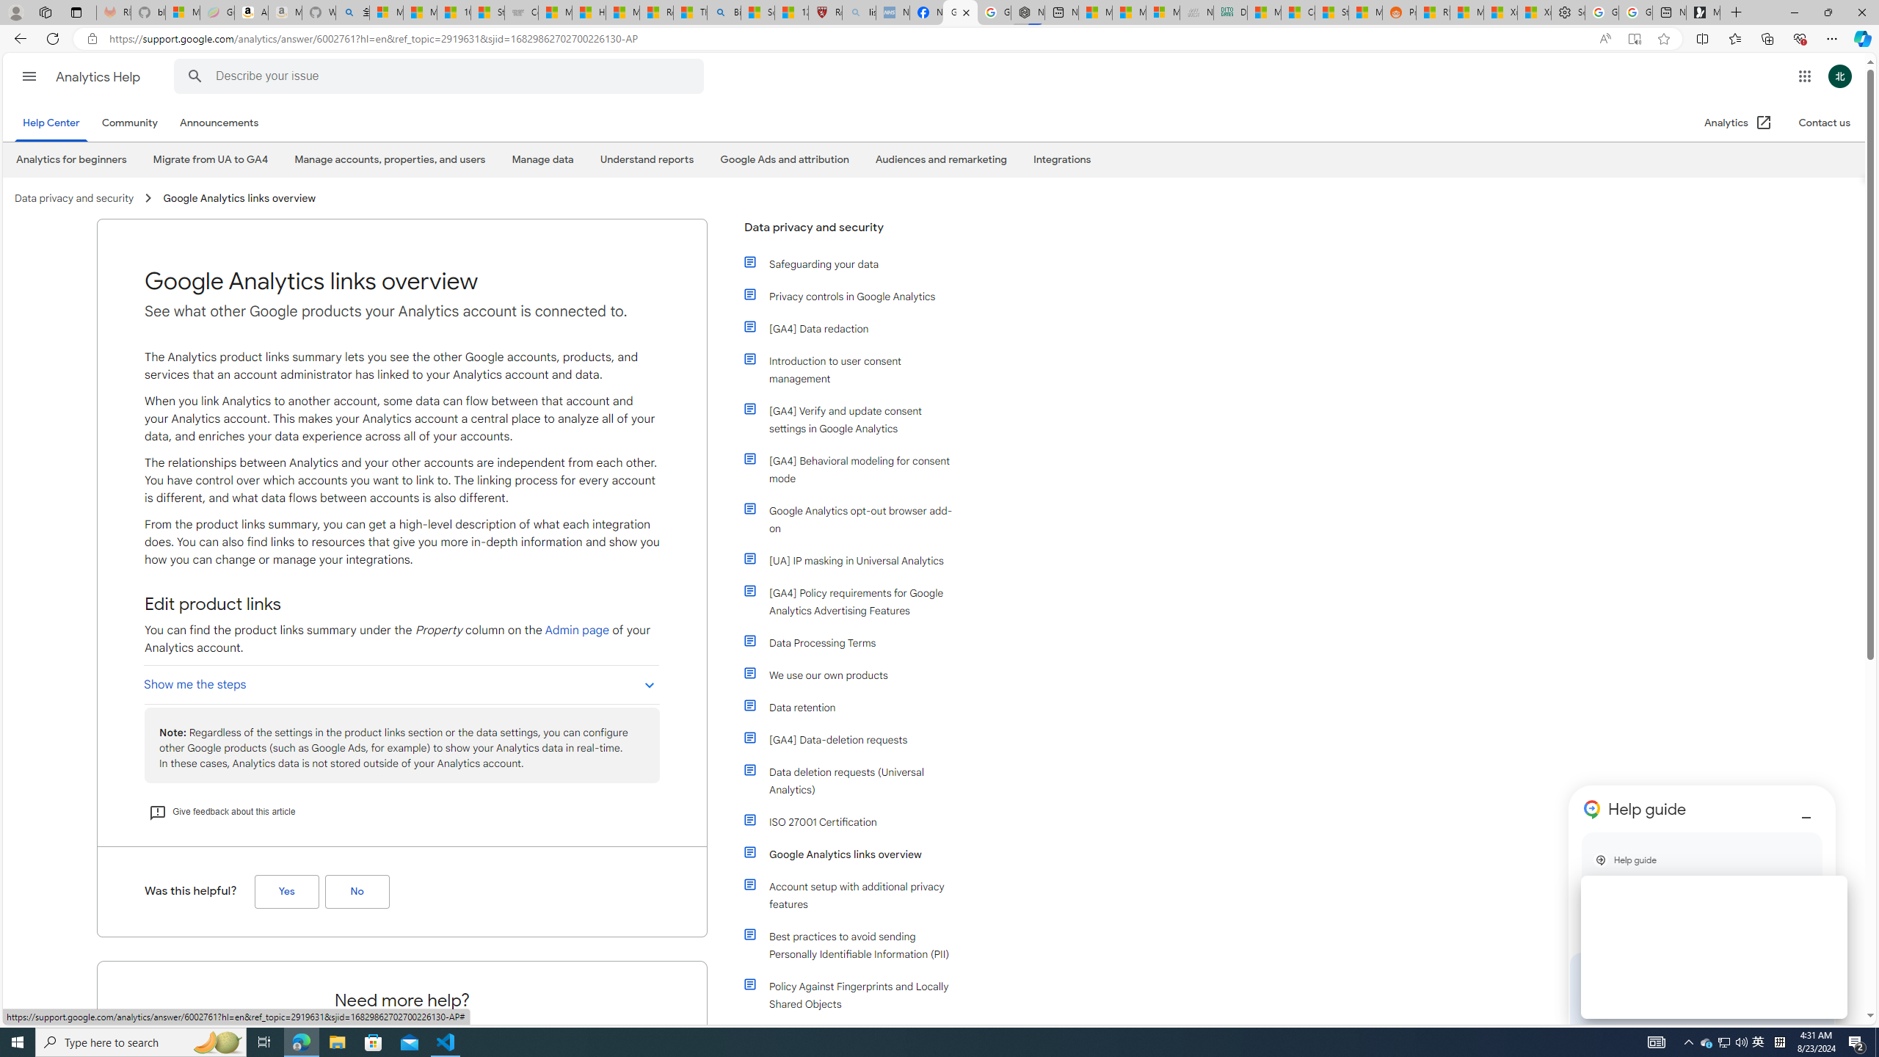 This screenshot has width=1879, height=1057. Describe the element at coordinates (28, 76) in the screenshot. I see `'Main menu'` at that location.